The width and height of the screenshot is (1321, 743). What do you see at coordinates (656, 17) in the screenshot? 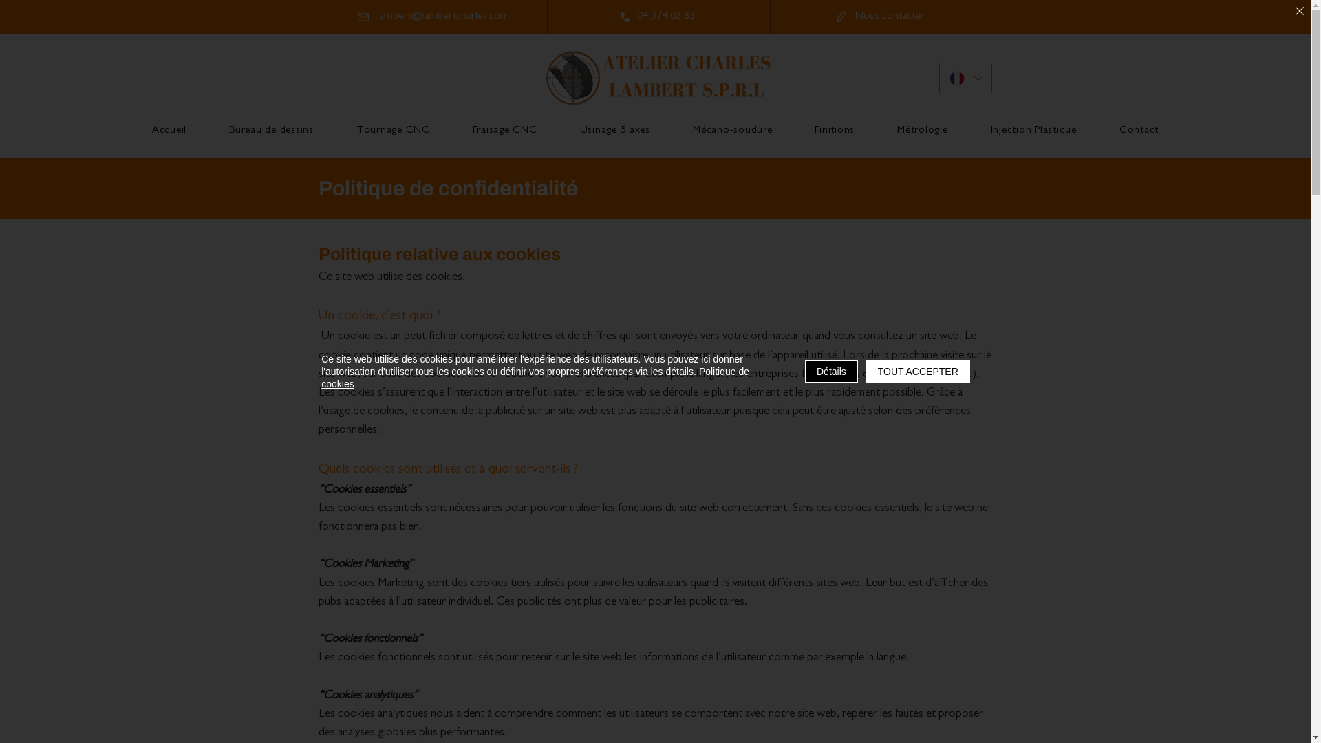
I see `'04 374 02 83'` at bounding box center [656, 17].